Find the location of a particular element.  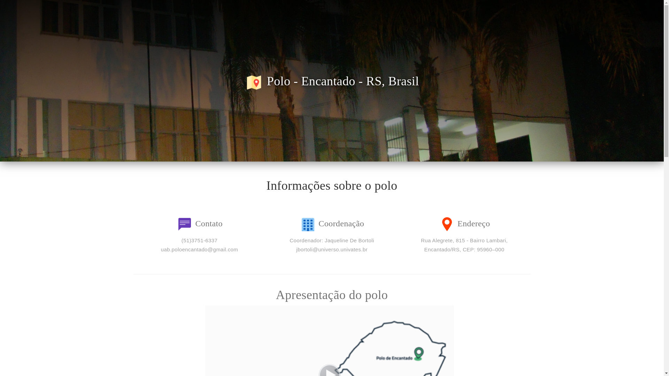

'Polo - Encantado - RS, Brasil' is located at coordinates (331, 80).